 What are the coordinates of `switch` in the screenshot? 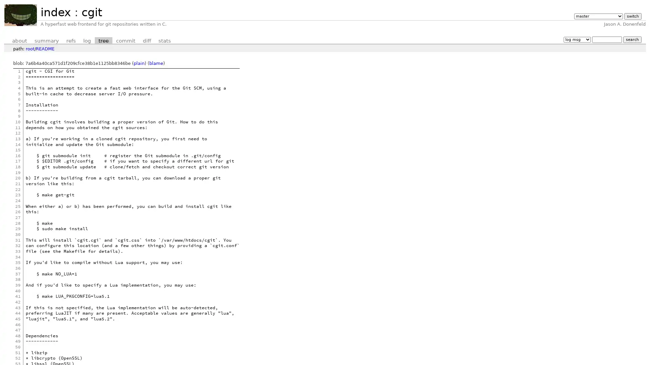 It's located at (632, 16).